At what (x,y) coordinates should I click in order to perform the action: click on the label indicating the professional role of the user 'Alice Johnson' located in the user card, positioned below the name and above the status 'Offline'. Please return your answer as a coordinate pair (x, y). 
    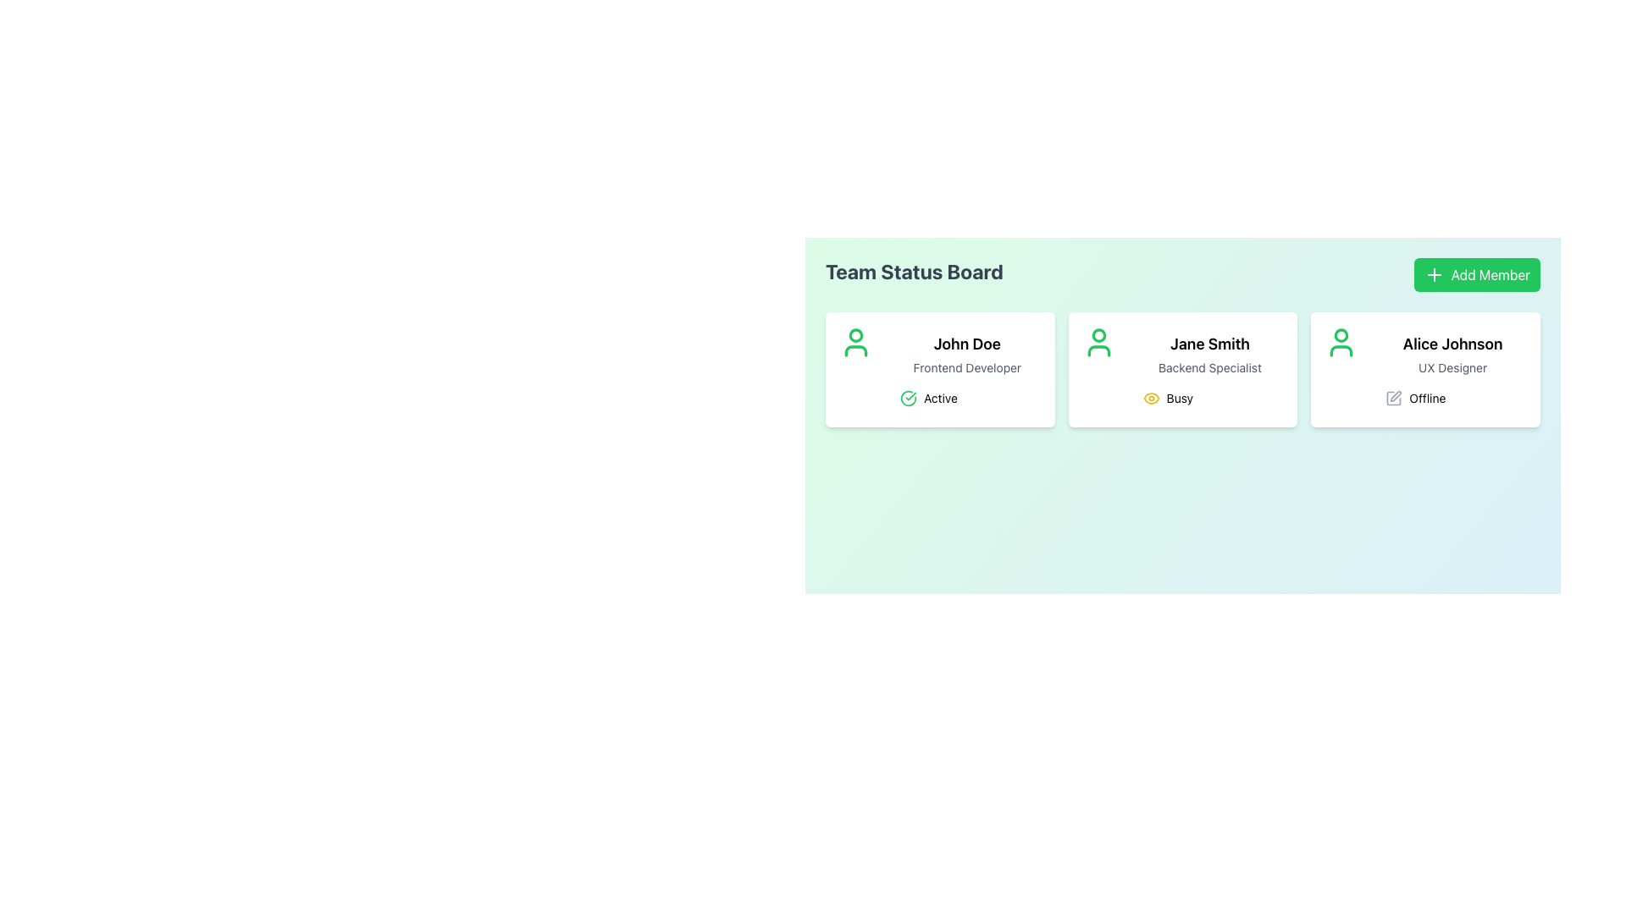
    Looking at the image, I should click on (1452, 367).